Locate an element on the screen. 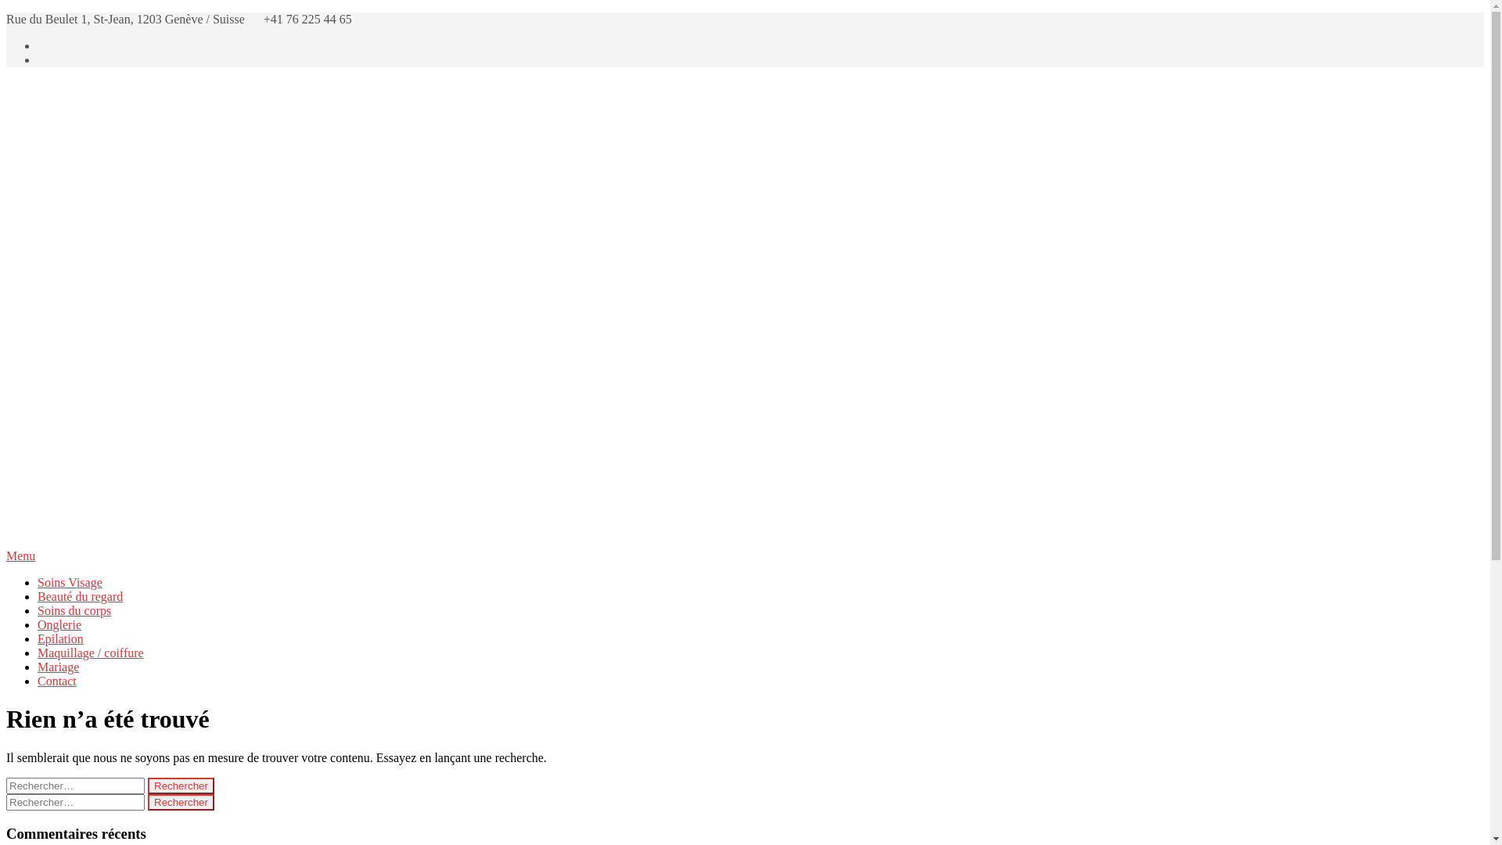 This screenshot has height=845, width=1502. 'Menu' is located at coordinates (744, 555).